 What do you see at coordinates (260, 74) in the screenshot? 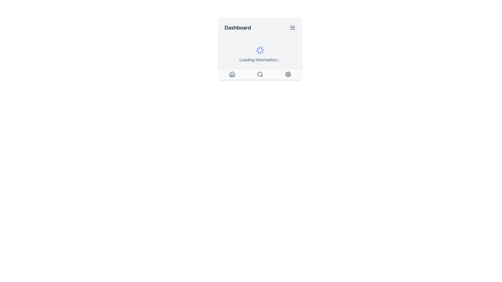
I see `the Search Button icon, depicted as a magnifying glass with a circular frame, located in the bottom navigation bar between the house and settings icons` at bounding box center [260, 74].